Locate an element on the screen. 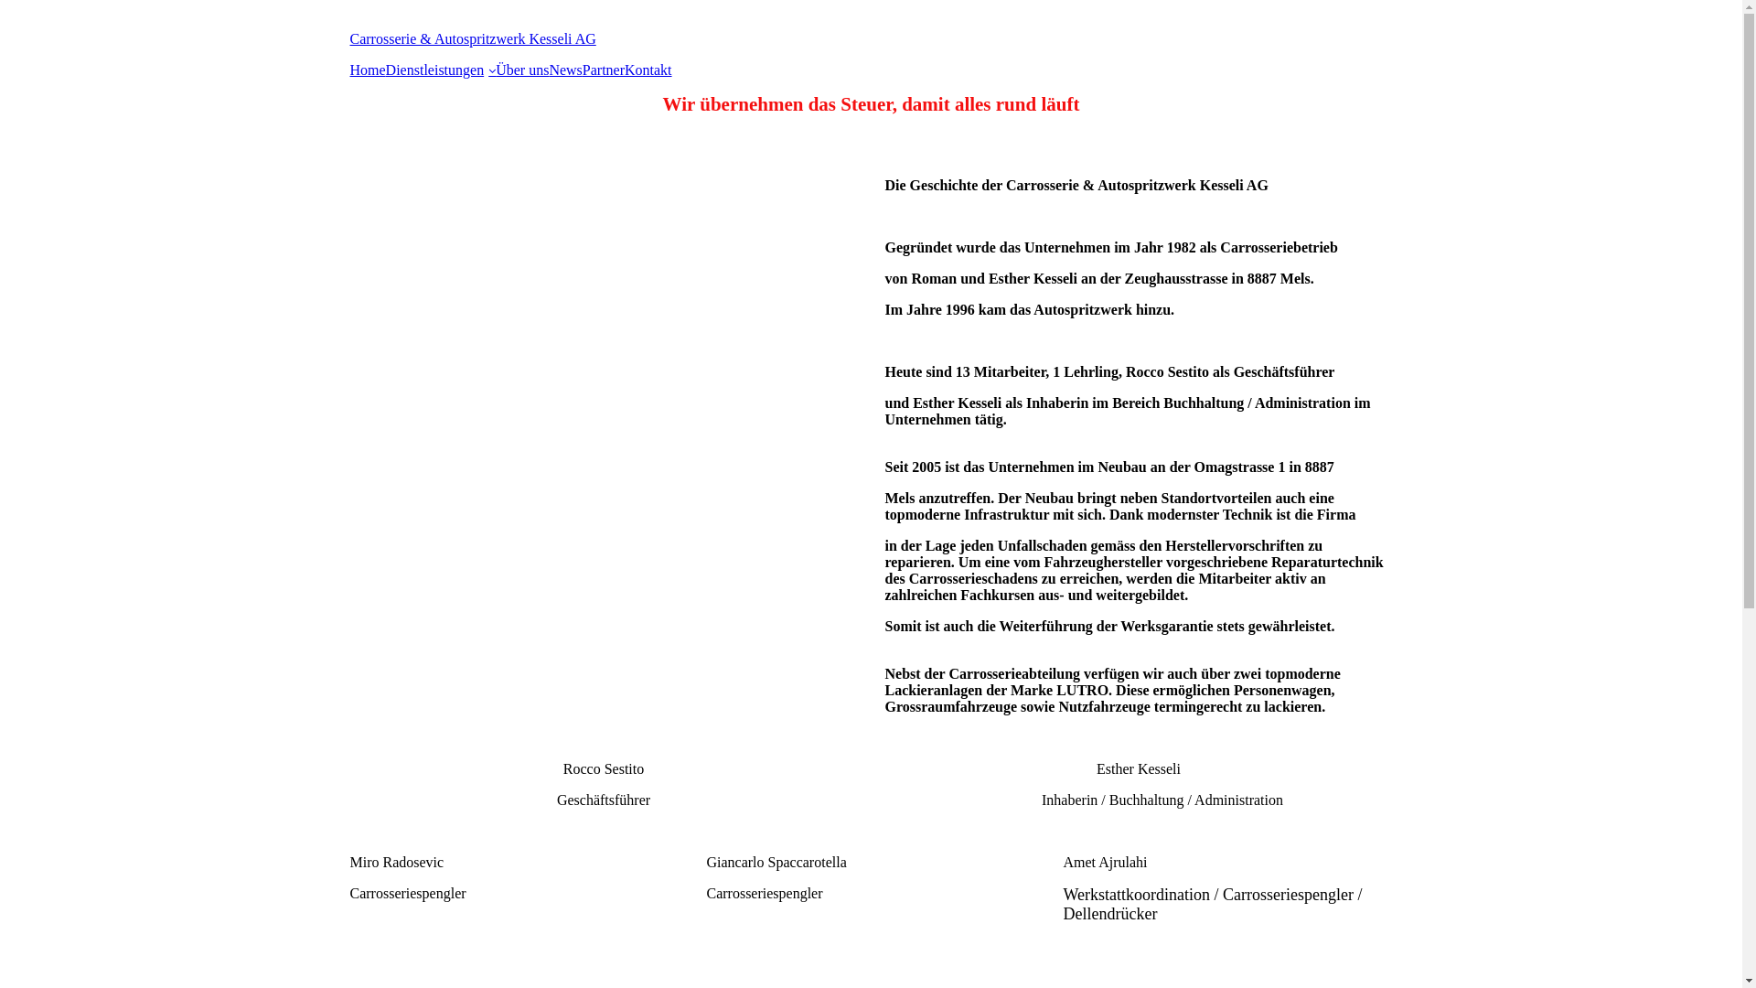  'Kontakt' is located at coordinates (648, 70).